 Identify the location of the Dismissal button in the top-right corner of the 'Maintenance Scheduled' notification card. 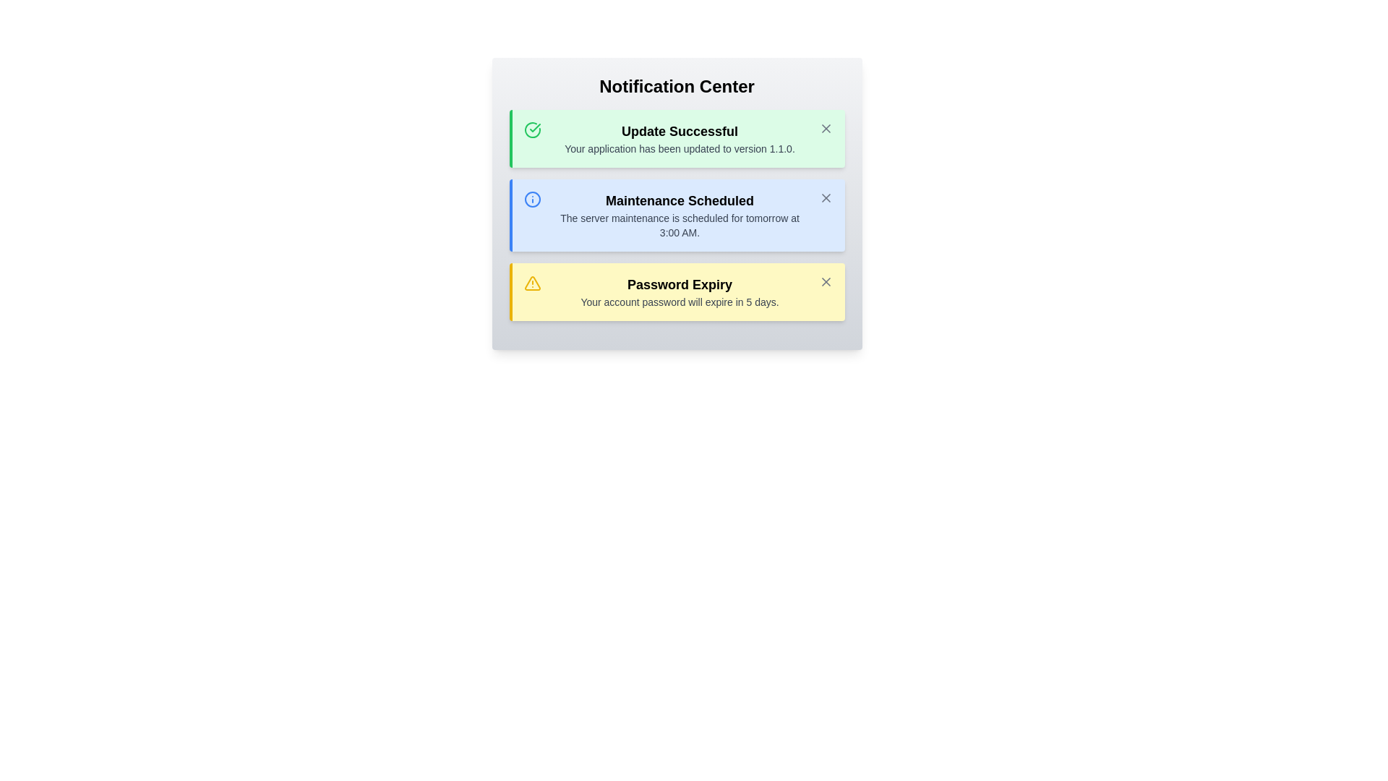
(826, 197).